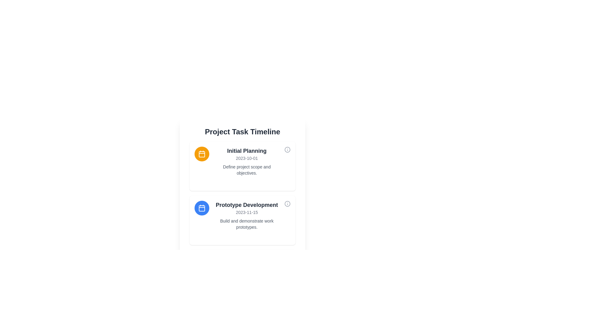  What do you see at coordinates (247, 224) in the screenshot?
I see `the descriptive text block that provides additional context for the 'Prototype Development' task in the 'Project Task Timeline' section, located below the title and date, and above the 'In Progress' status badge` at bounding box center [247, 224].